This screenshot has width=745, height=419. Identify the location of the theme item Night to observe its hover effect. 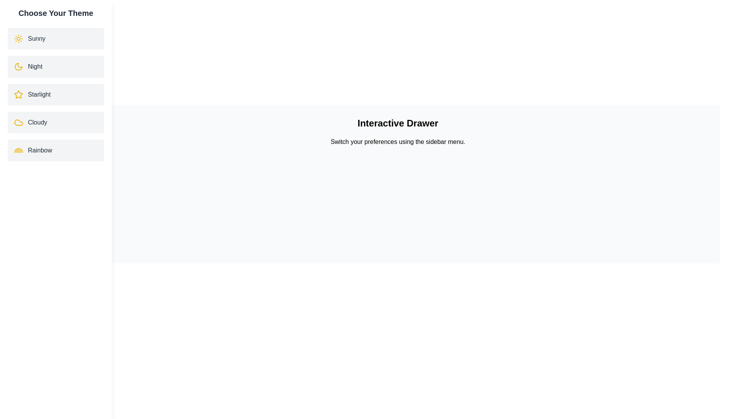
(55, 66).